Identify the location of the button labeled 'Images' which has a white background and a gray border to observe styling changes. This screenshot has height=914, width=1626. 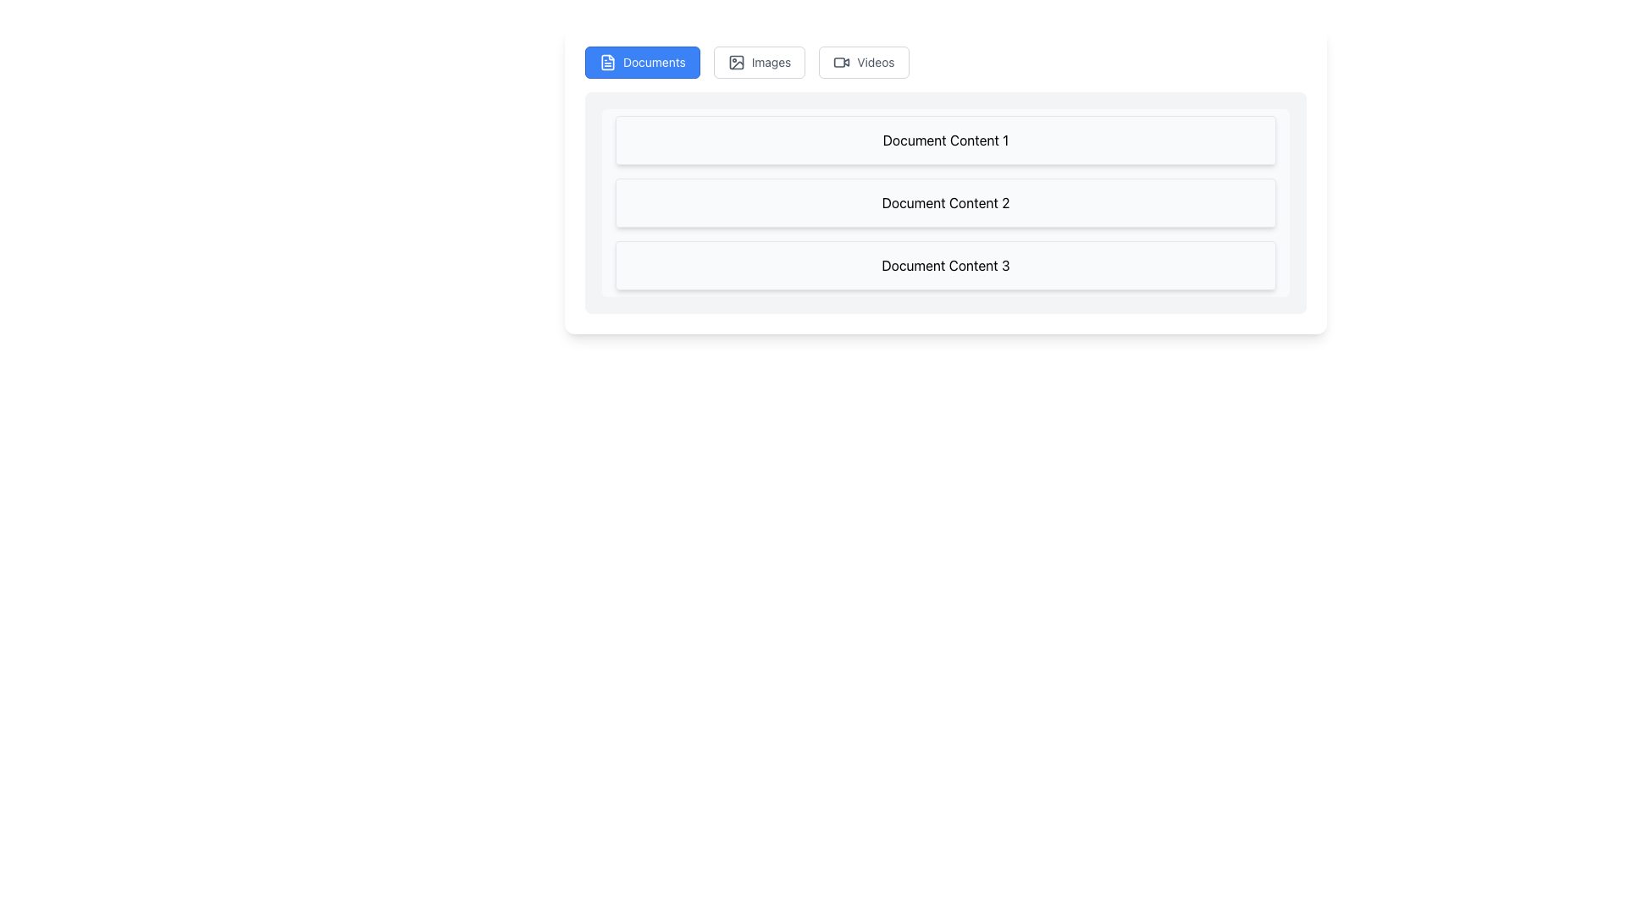
(759, 61).